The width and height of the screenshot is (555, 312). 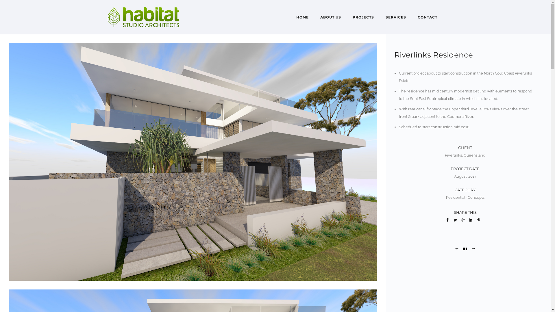 I want to click on 'Concepts', so click(x=476, y=197).